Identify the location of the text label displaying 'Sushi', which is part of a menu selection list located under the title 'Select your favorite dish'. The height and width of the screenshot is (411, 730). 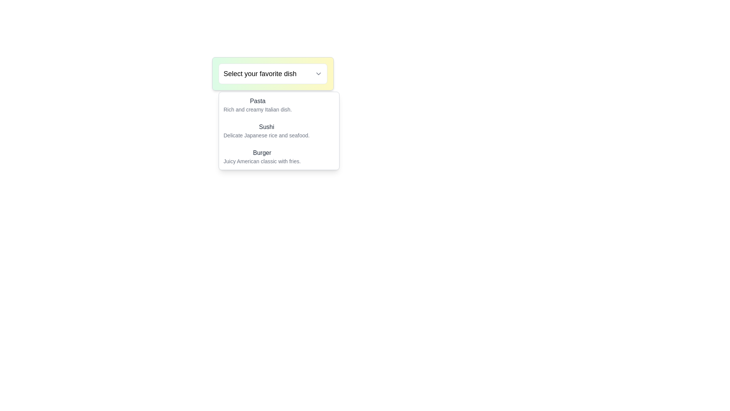
(267, 127).